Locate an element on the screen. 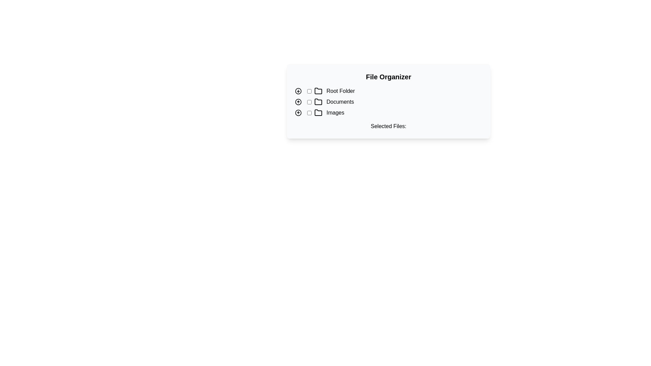 This screenshot has height=366, width=651. the circular outline icon with an upward-pointing arrow, which is the third icon in the vertical list to the left of the 'Images' folder label in the 'File Organizer' interface is located at coordinates (298, 112).